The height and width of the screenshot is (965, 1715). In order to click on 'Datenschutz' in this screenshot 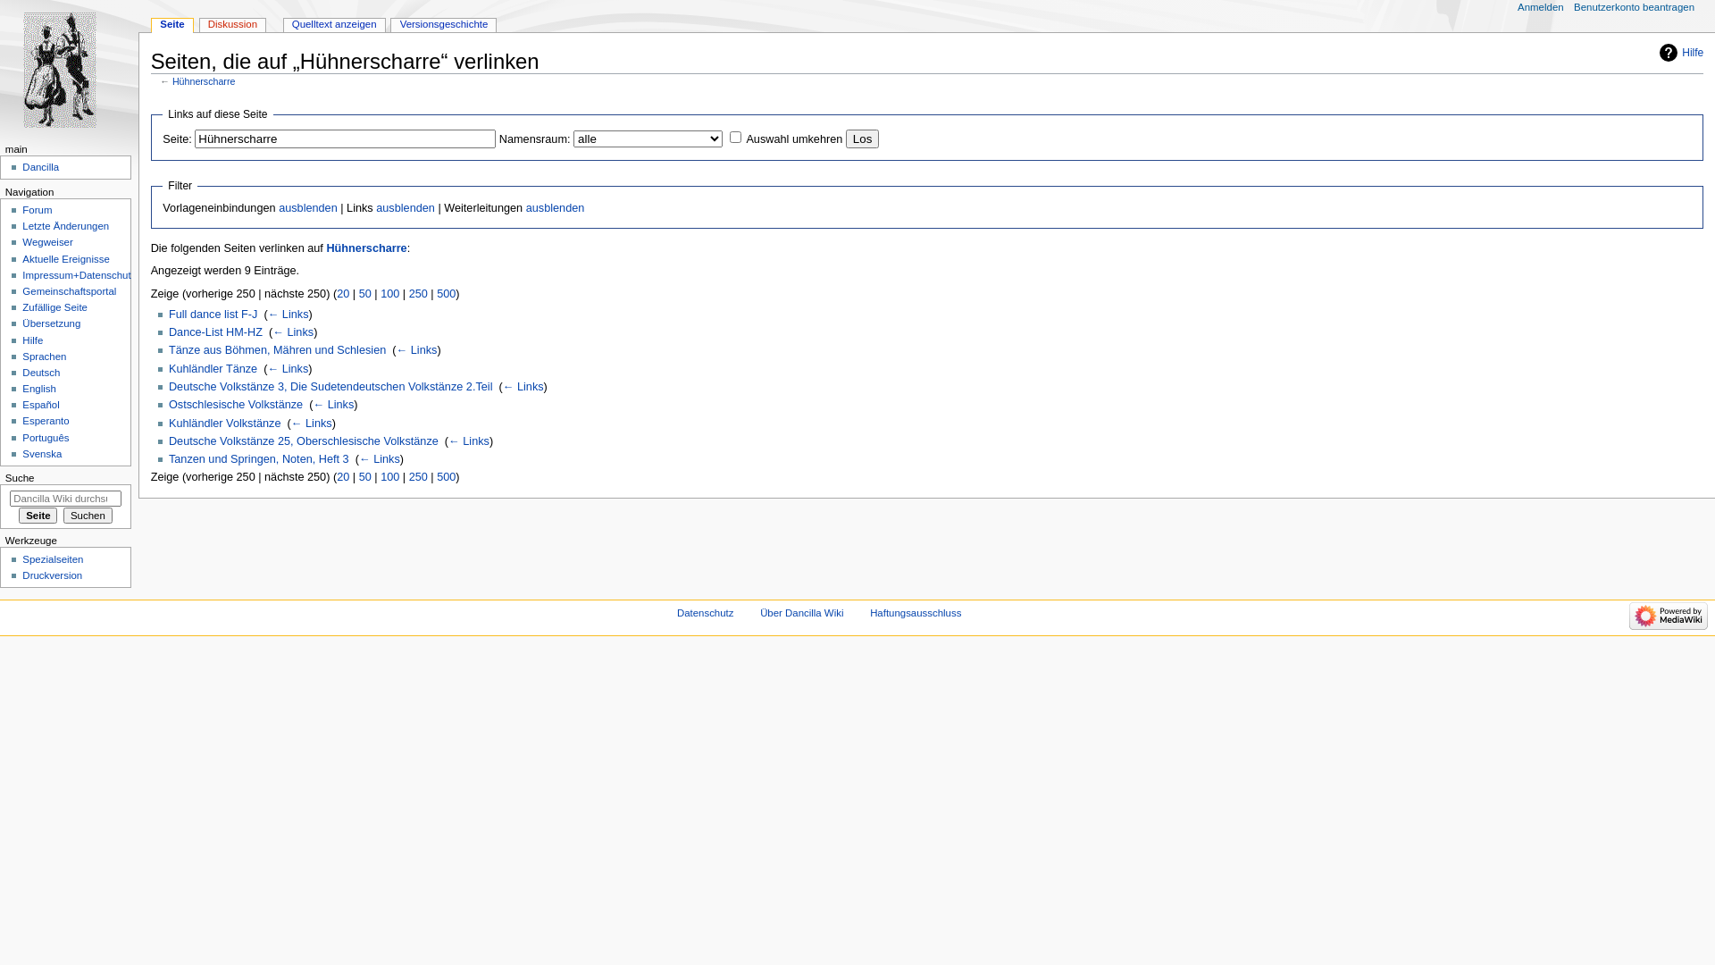, I will do `click(676, 612)`.